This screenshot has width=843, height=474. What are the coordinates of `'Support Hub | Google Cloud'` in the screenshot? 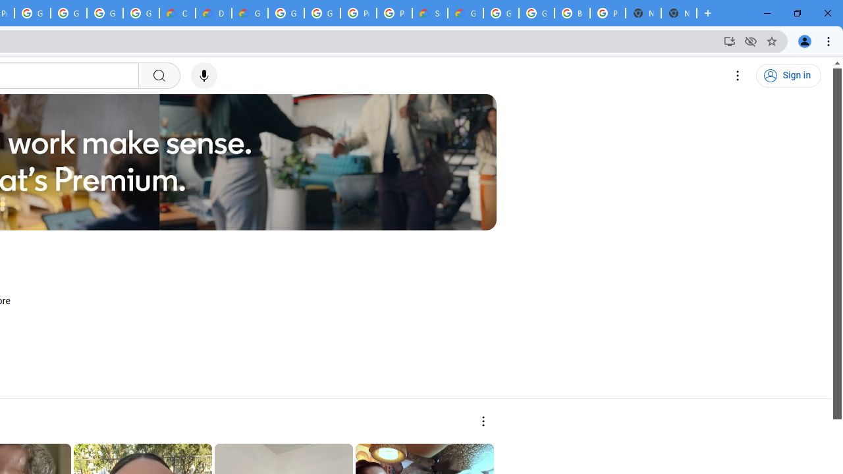 It's located at (429, 13).